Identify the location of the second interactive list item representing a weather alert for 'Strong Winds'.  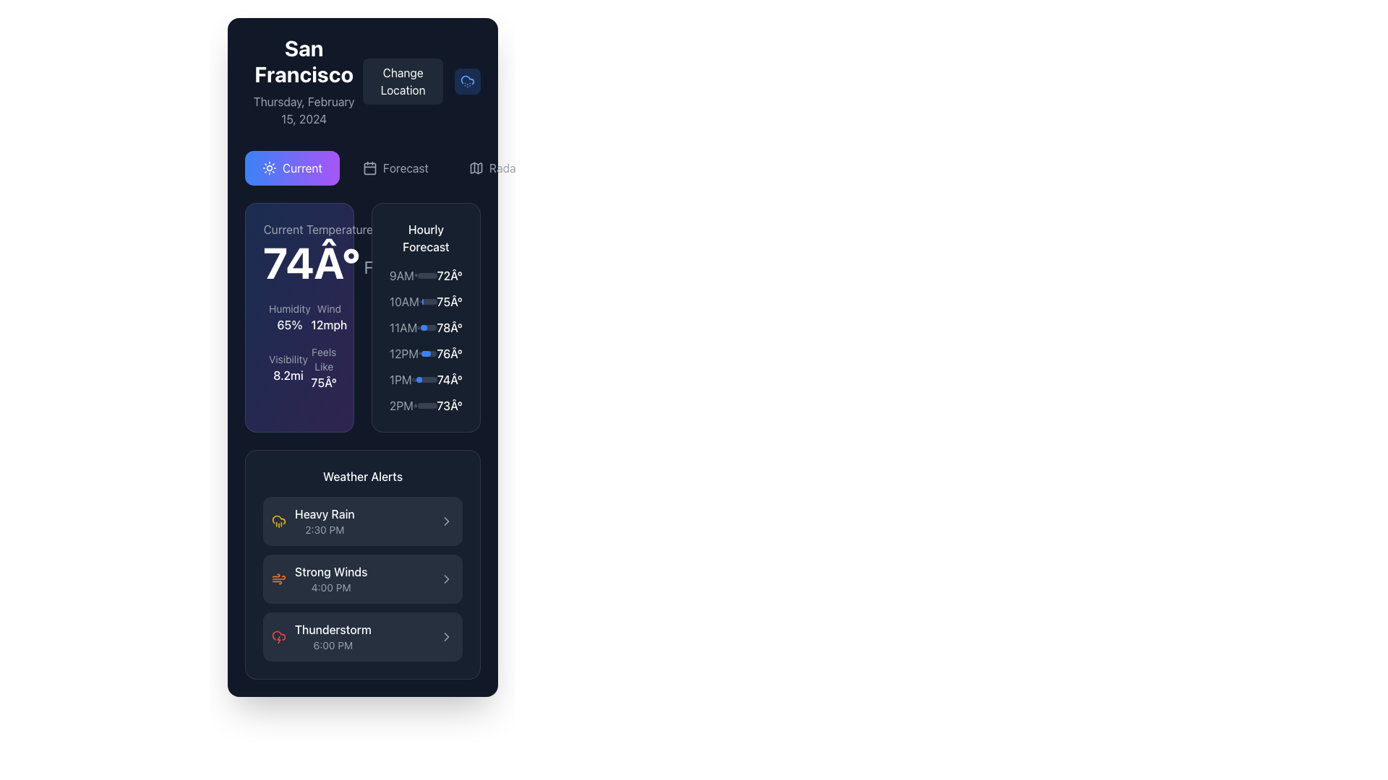
(363, 578).